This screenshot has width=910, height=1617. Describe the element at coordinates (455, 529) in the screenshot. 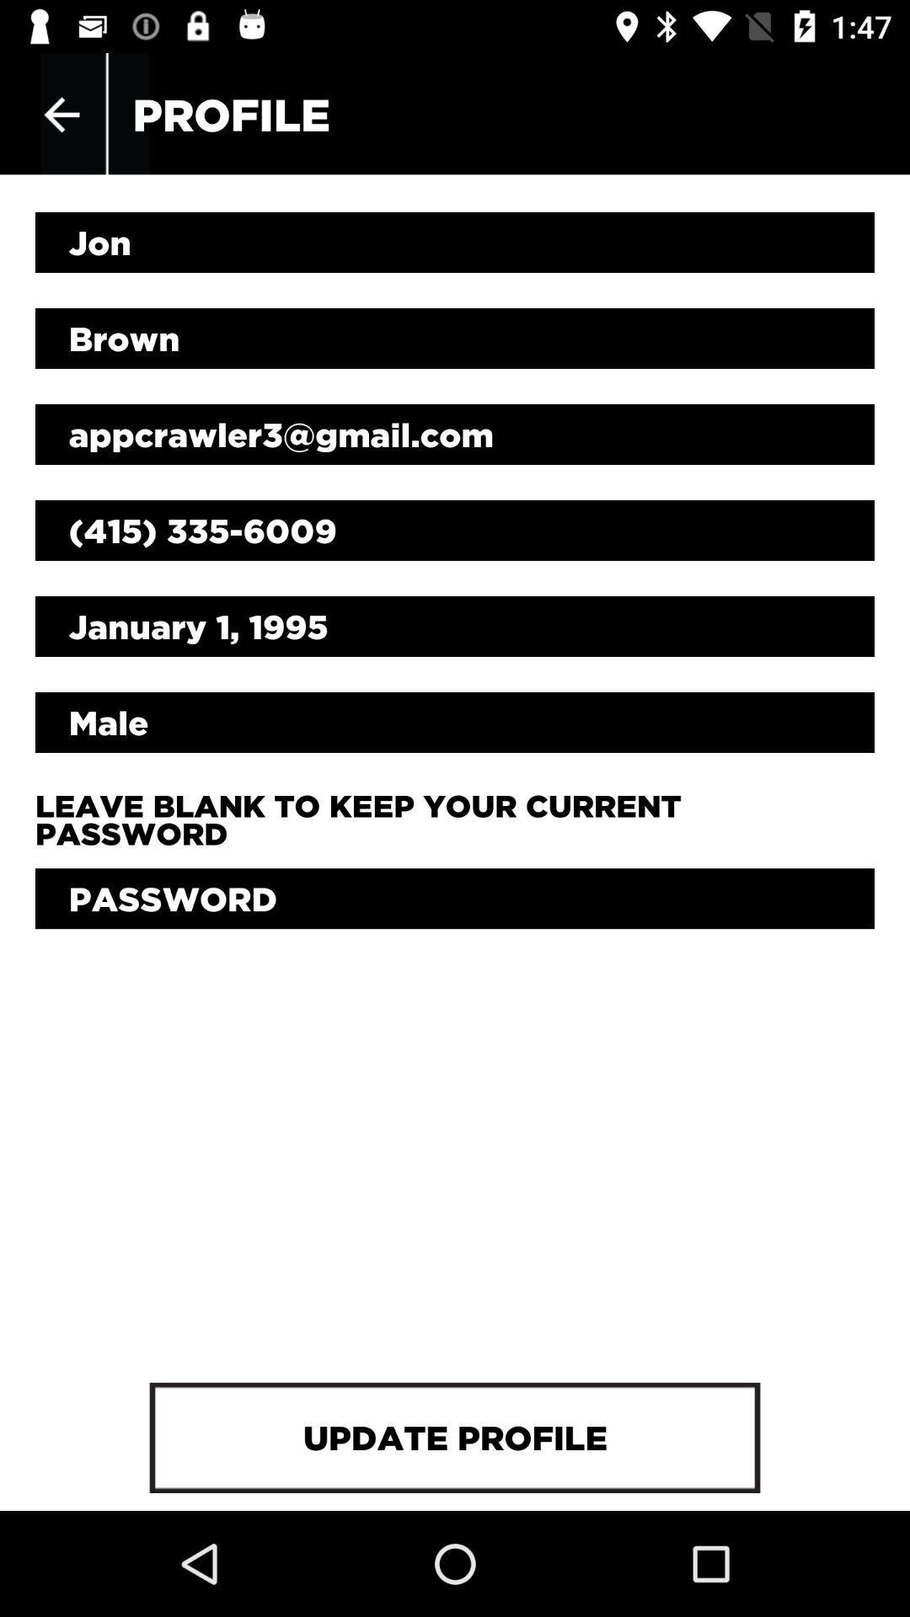

I see `fourth text field` at that location.